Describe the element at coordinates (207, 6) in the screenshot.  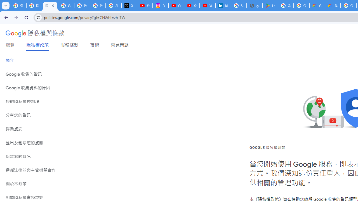
I see `'YouTube Culture & Trends - YouTube Top 10, 2021'` at that location.